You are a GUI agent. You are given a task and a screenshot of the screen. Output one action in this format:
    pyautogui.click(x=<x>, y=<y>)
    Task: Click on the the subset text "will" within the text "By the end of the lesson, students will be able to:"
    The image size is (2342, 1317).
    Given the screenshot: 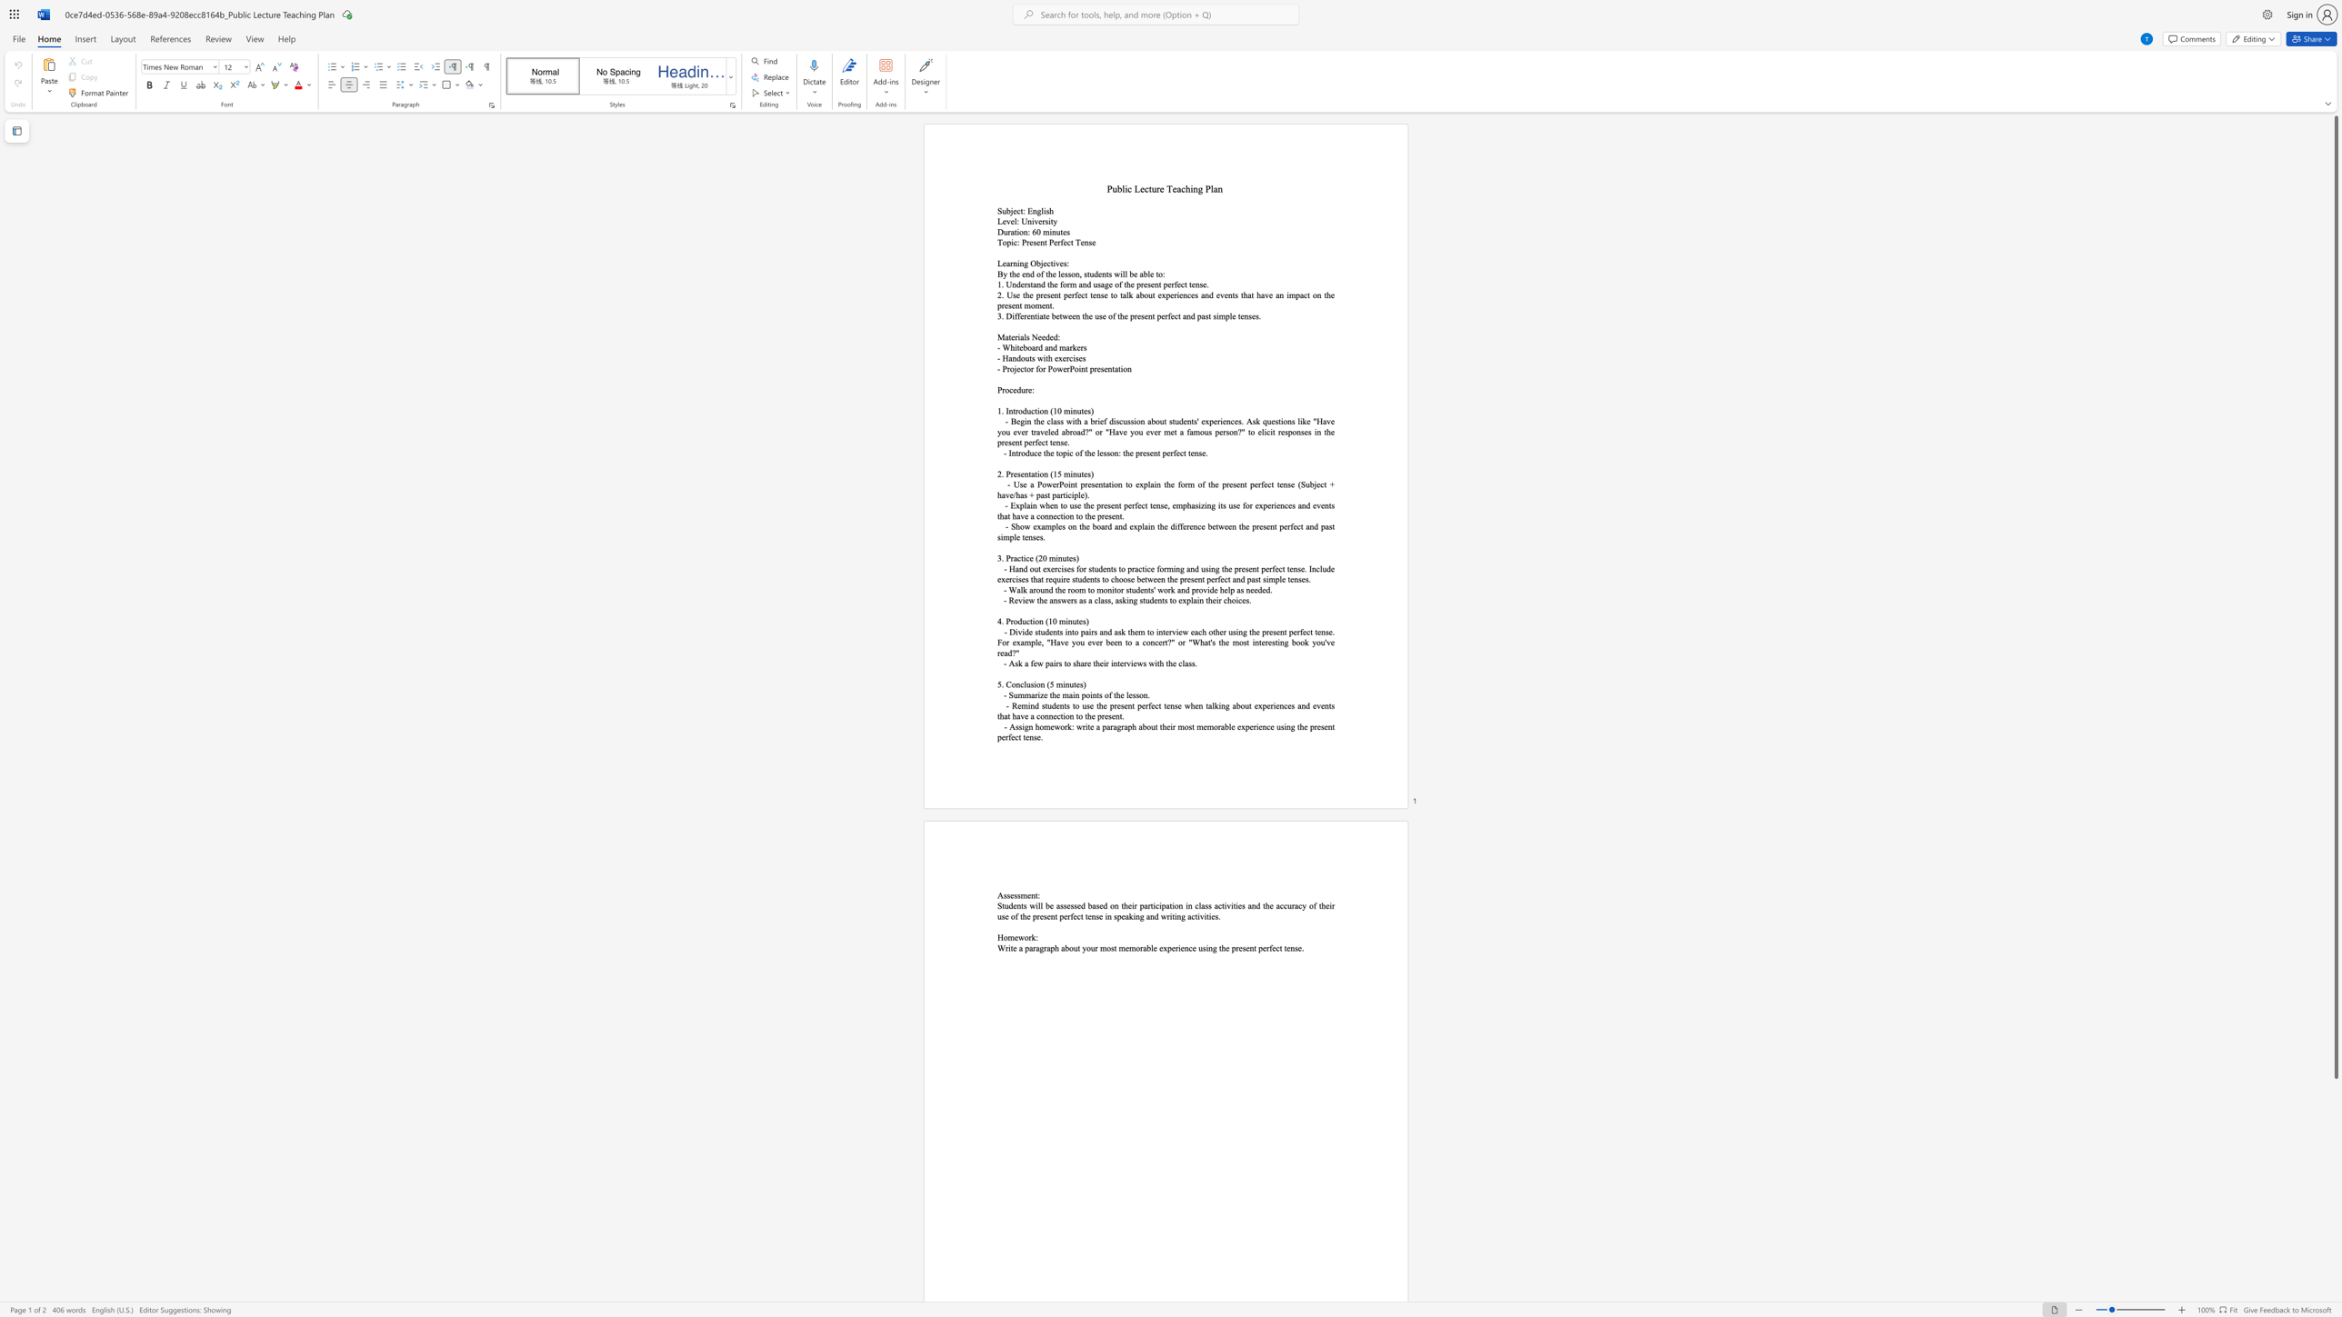 What is the action you would take?
    pyautogui.click(x=1113, y=274)
    